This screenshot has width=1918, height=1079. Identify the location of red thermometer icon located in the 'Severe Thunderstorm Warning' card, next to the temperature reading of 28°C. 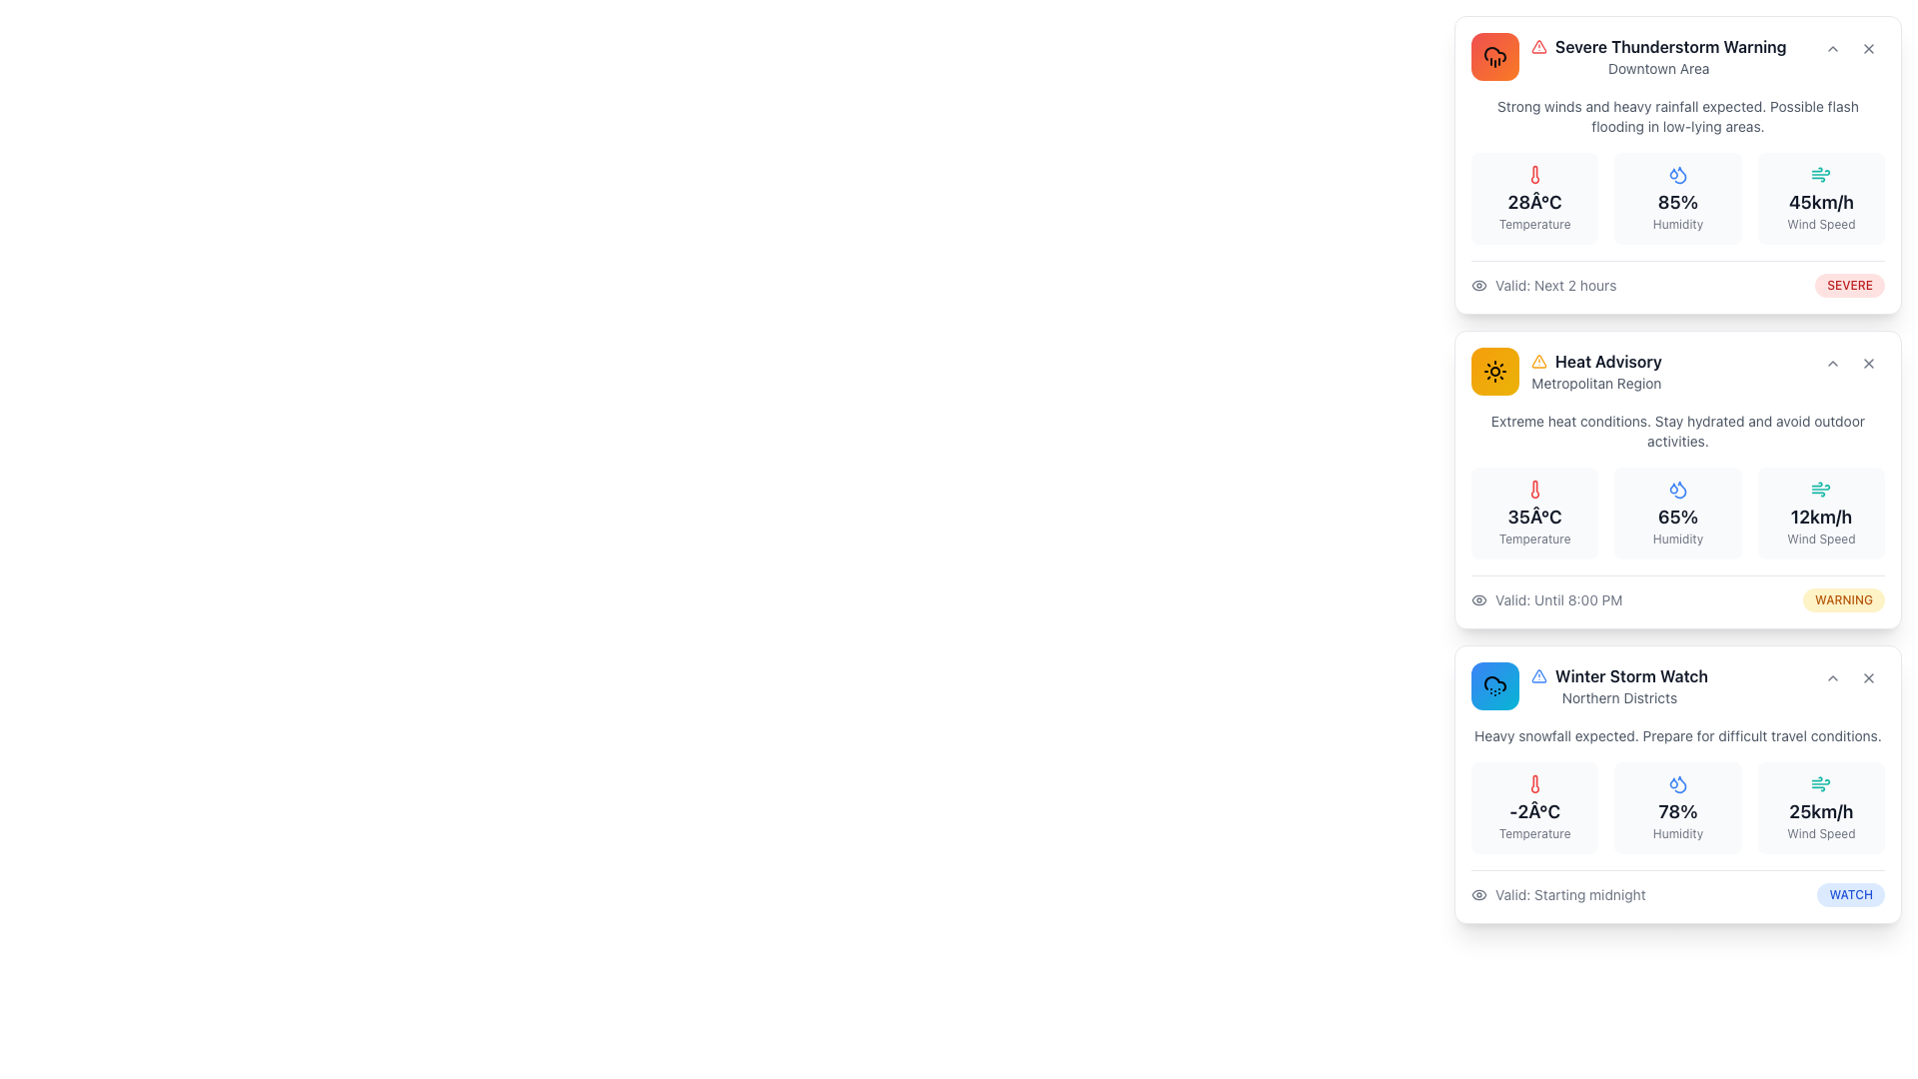
(1533, 173).